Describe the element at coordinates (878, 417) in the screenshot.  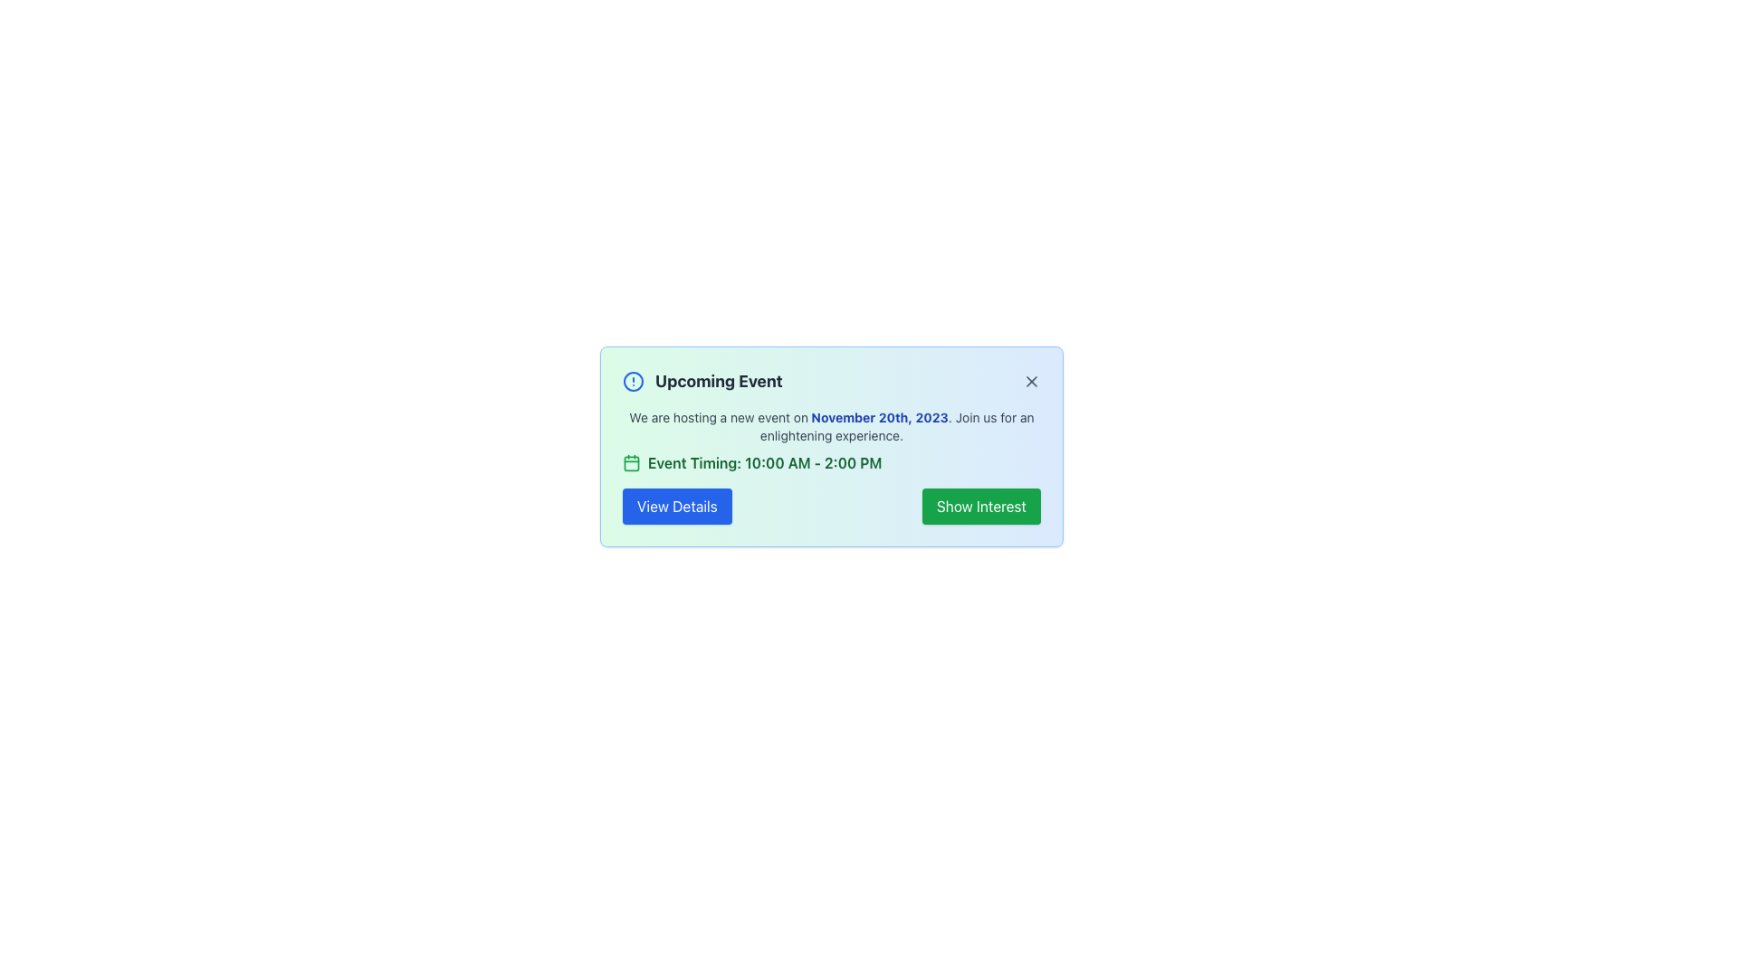
I see `the text element that emphasizes the event's date within the 'Upcoming Event' card layout` at that location.